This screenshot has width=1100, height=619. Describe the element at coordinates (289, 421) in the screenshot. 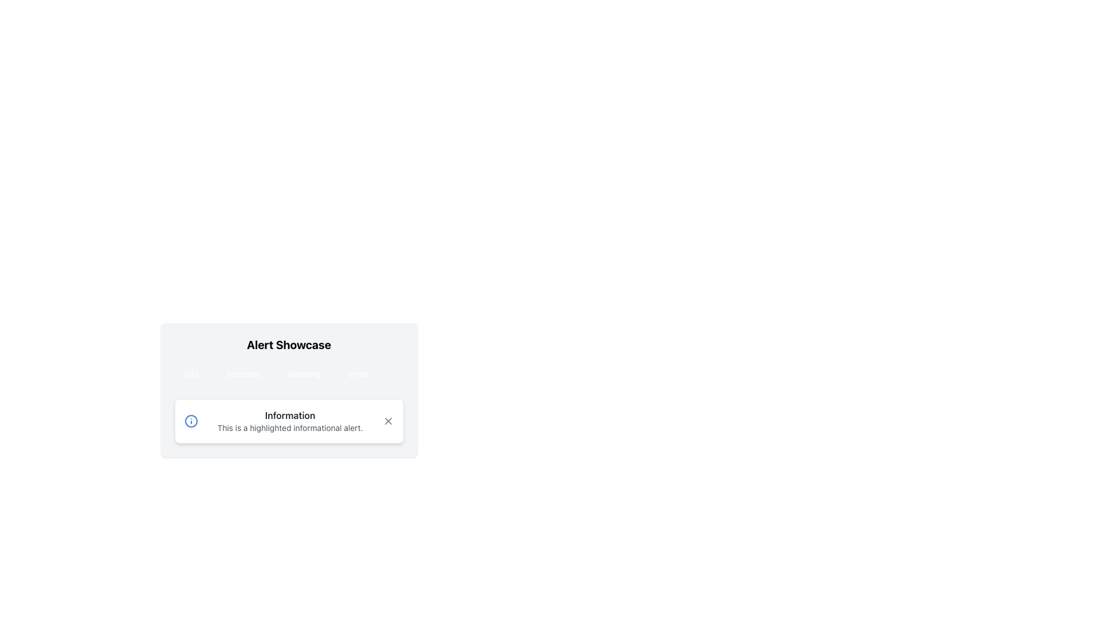

I see `alert message of the Informational alert component titled 'Information' which displays 'This is a highlighted informational alert.'` at that location.